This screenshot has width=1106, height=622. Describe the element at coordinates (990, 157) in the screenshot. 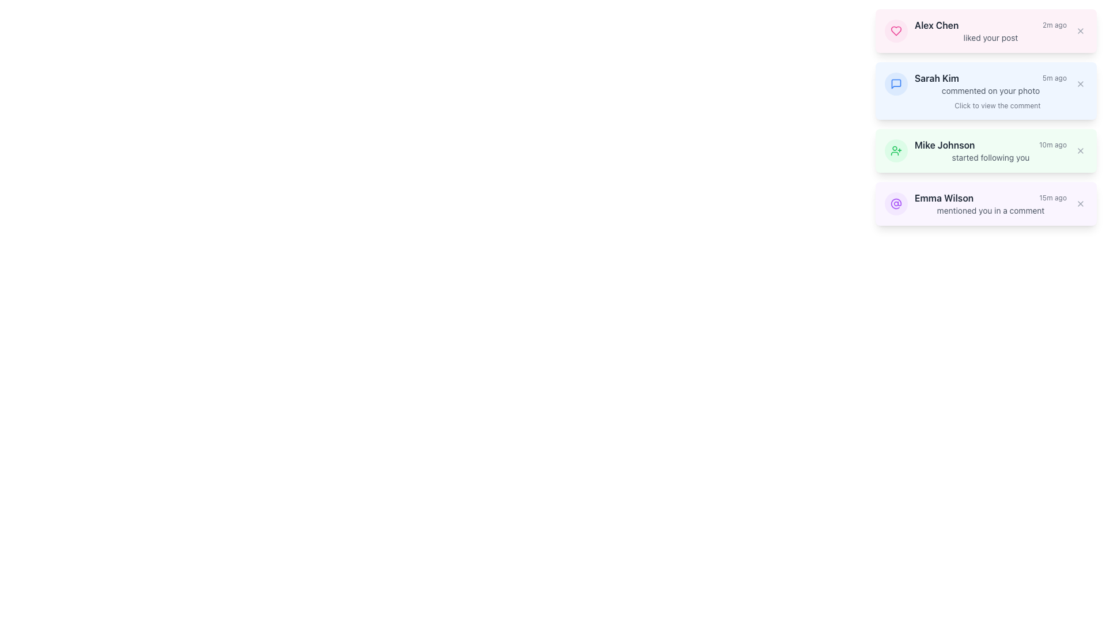

I see `text label that displays 'started following you', which is styled in small gray font and located under 'Mike Johnson' as the third notification item` at that location.